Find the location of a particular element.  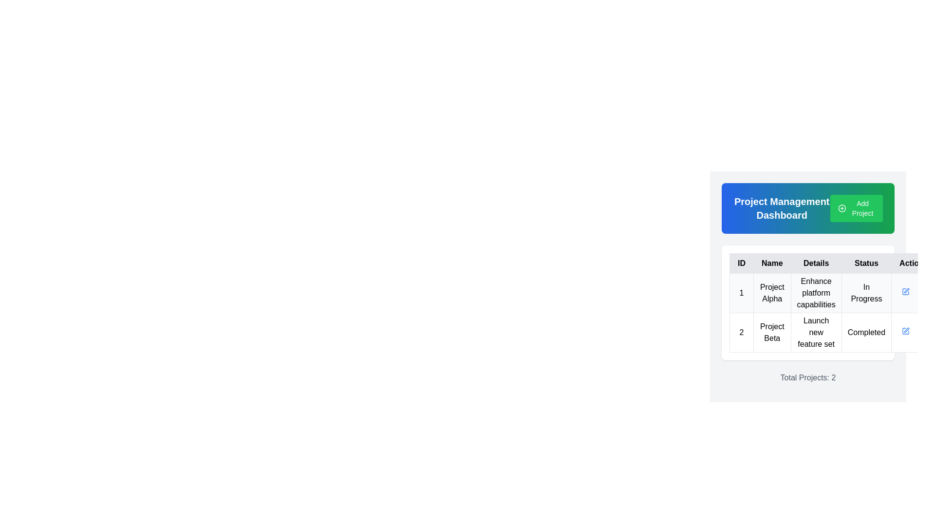

the text label reading 'Enhance platform capabilities' located in the third column of the first row under the 'Details' column of the table representing 'Project Alpha' is located at coordinates (816, 292).